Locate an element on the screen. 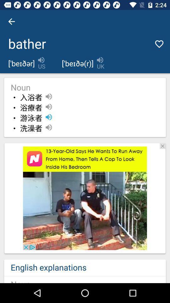 Image resolution: width=170 pixels, height=303 pixels. advertisement page is located at coordinates (85, 198).